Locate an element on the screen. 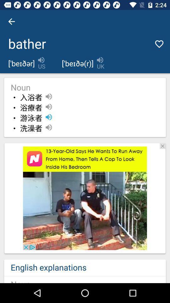 Image resolution: width=170 pixels, height=303 pixels. advertisement page is located at coordinates (85, 198).